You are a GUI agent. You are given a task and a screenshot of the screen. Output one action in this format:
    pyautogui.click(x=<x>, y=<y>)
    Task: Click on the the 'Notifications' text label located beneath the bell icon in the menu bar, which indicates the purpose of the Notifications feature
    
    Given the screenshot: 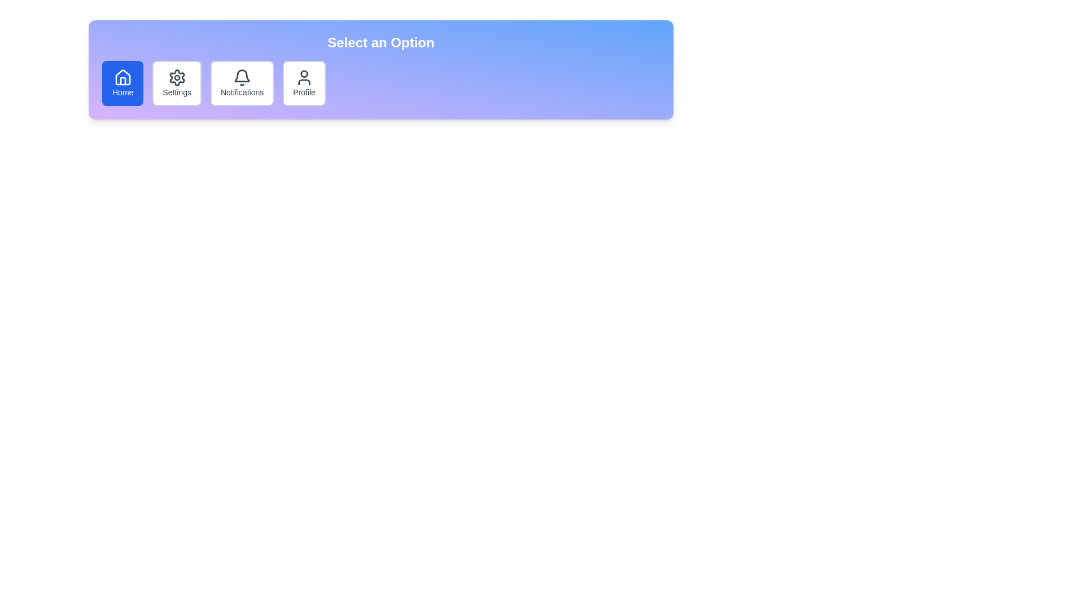 What is the action you would take?
    pyautogui.click(x=242, y=92)
    